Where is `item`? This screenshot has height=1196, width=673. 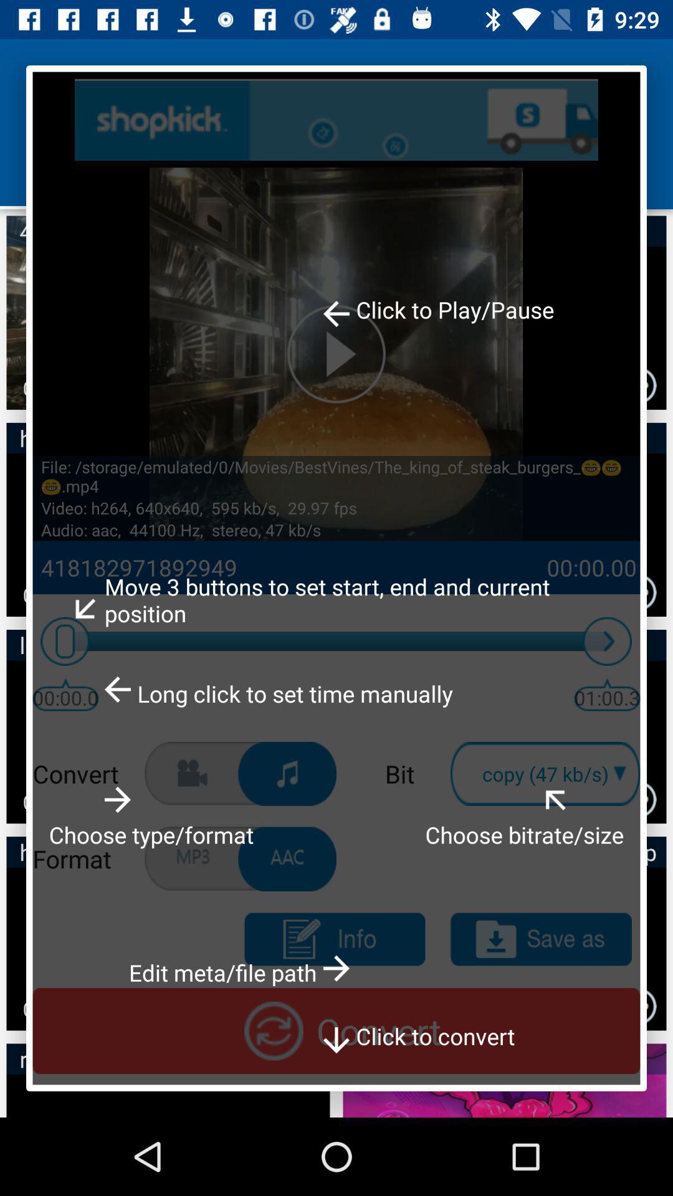
item is located at coordinates (540, 939).